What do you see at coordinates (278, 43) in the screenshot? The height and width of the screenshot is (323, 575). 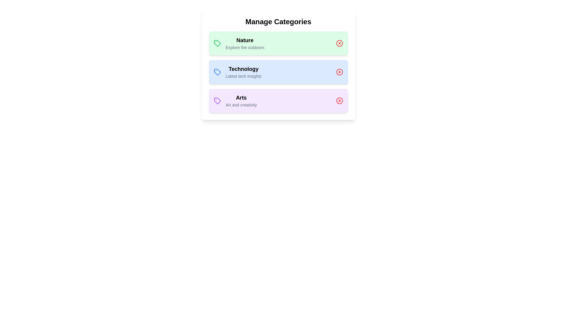 I see `the category Nature to see its tooltip or effect` at bounding box center [278, 43].